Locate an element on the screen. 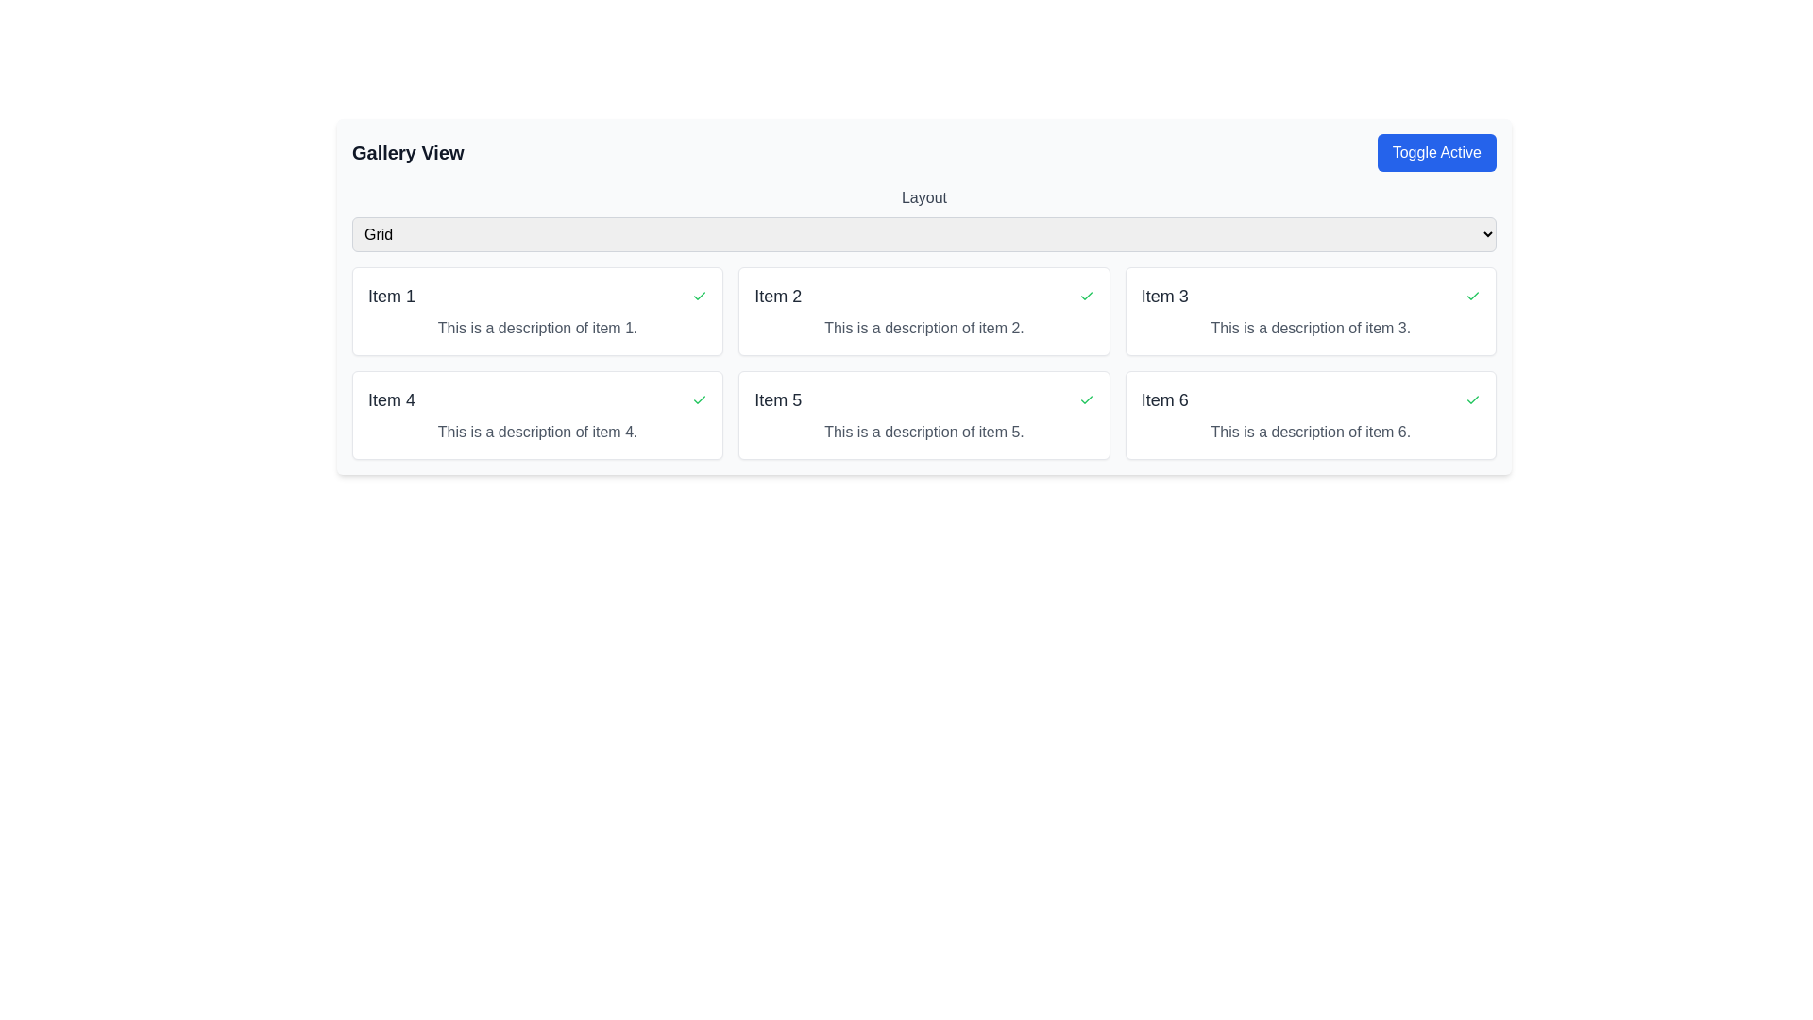  text from the Text label that serves as a title for the section above the 'GridList' dropdown menu is located at coordinates (924, 197).